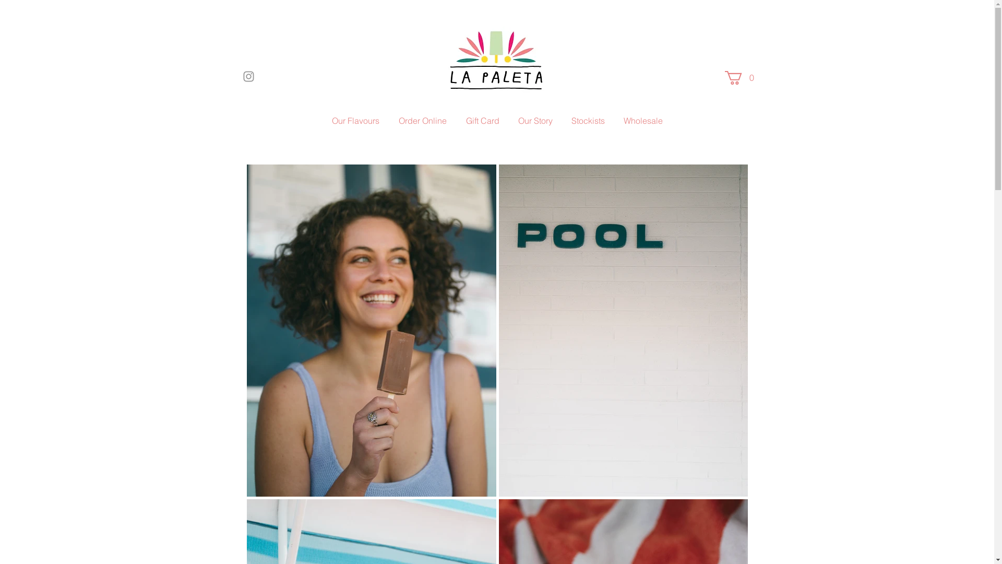  Describe the element at coordinates (643, 120) in the screenshot. I see `'Wholesale'` at that location.